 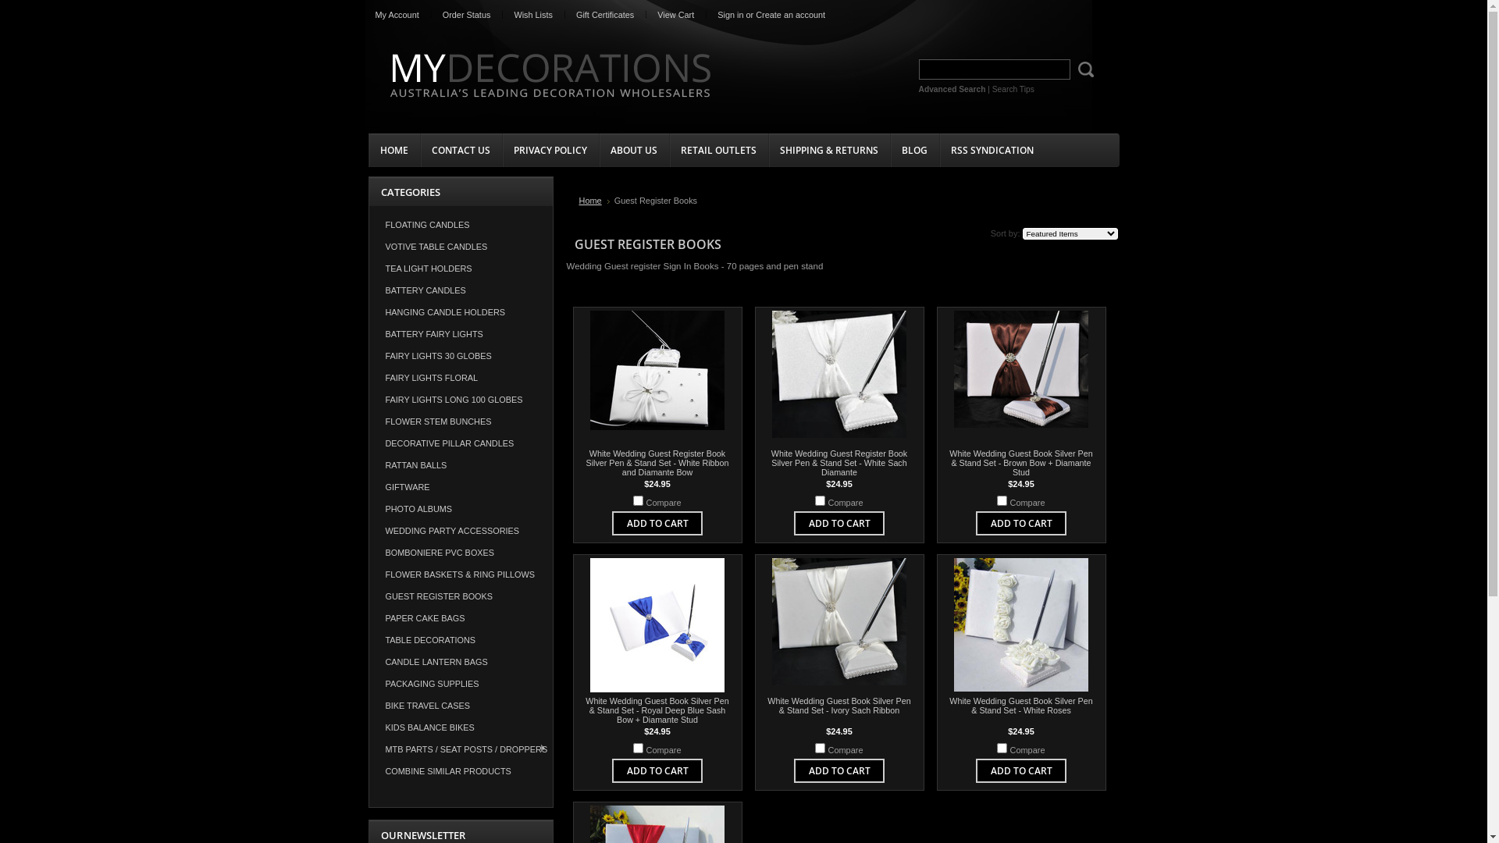 What do you see at coordinates (466, 15) in the screenshot?
I see `'Order Status'` at bounding box center [466, 15].